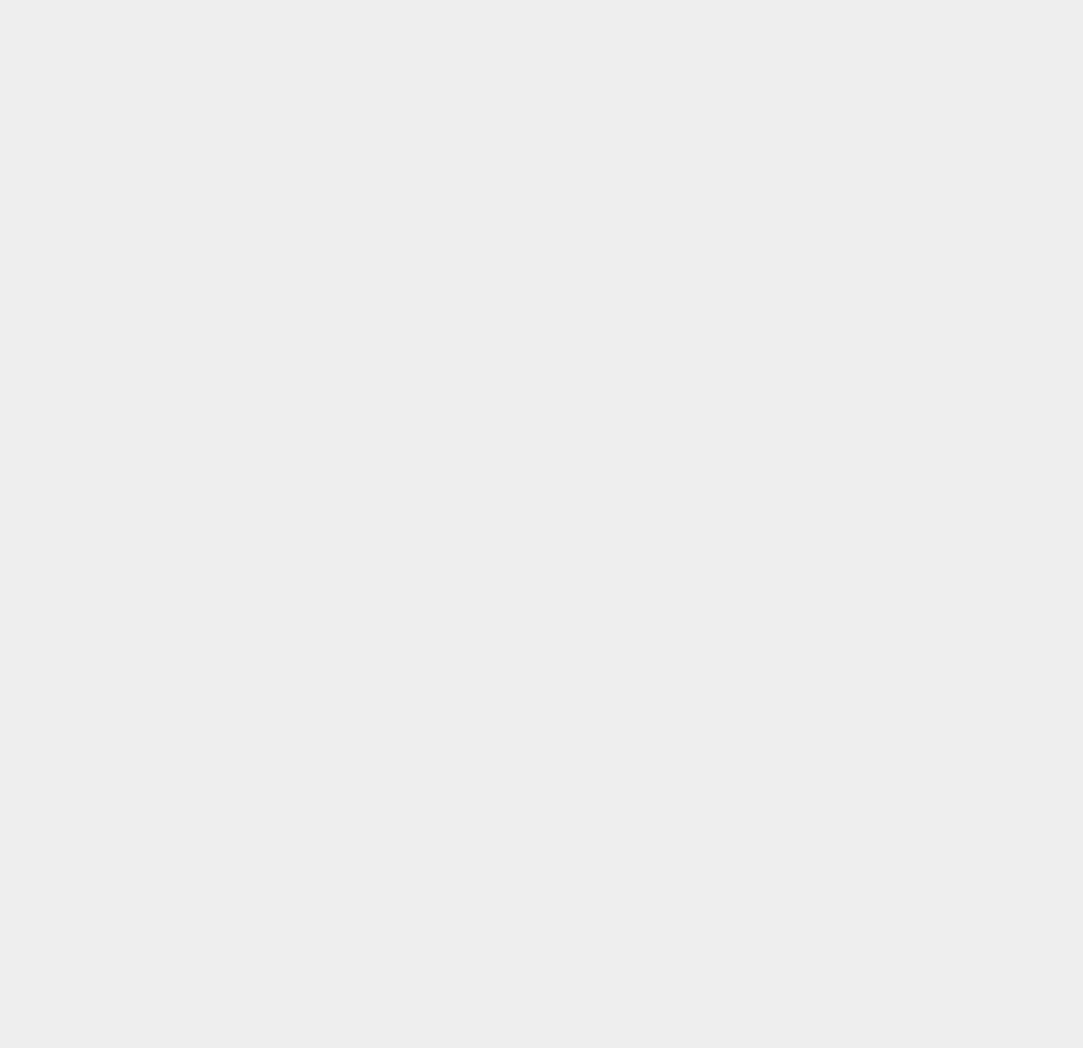 Image resolution: width=1083 pixels, height=1048 pixels. I want to click on 'eReader', so click(791, 1019).